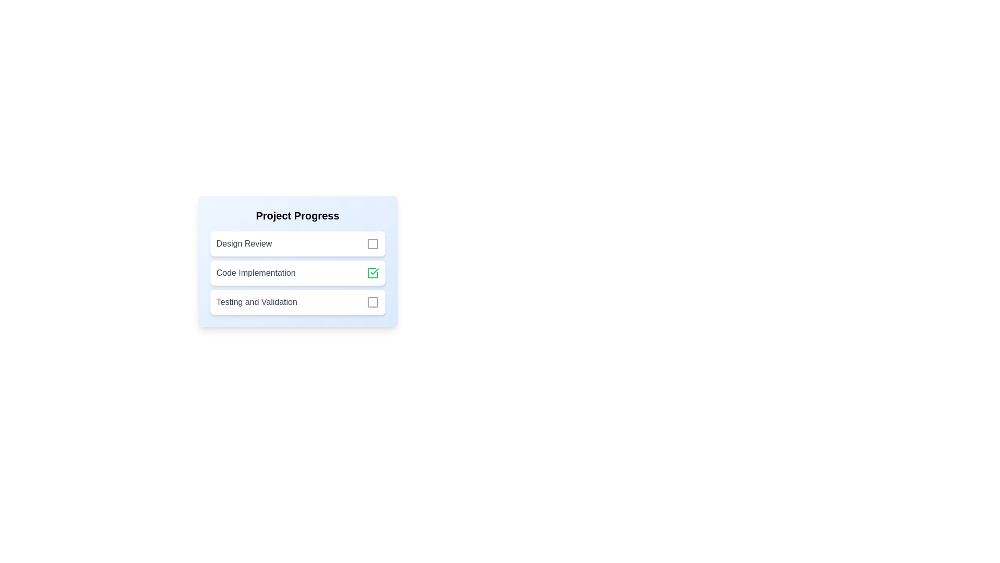 The height and width of the screenshot is (563, 1000). Describe the element at coordinates (297, 215) in the screenshot. I see `the title text 'Project Progress' to select it` at that location.